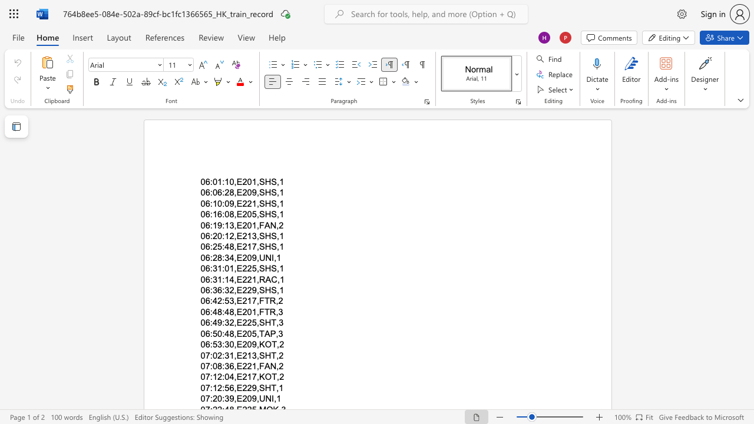 The height and width of the screenshot is (424, 754). Describe the element at coordinates (246, 192) in the screenshot. I see `the subset text "09,SHS,1" within the text "06:06:28,E209,SHS,1"` at that location.